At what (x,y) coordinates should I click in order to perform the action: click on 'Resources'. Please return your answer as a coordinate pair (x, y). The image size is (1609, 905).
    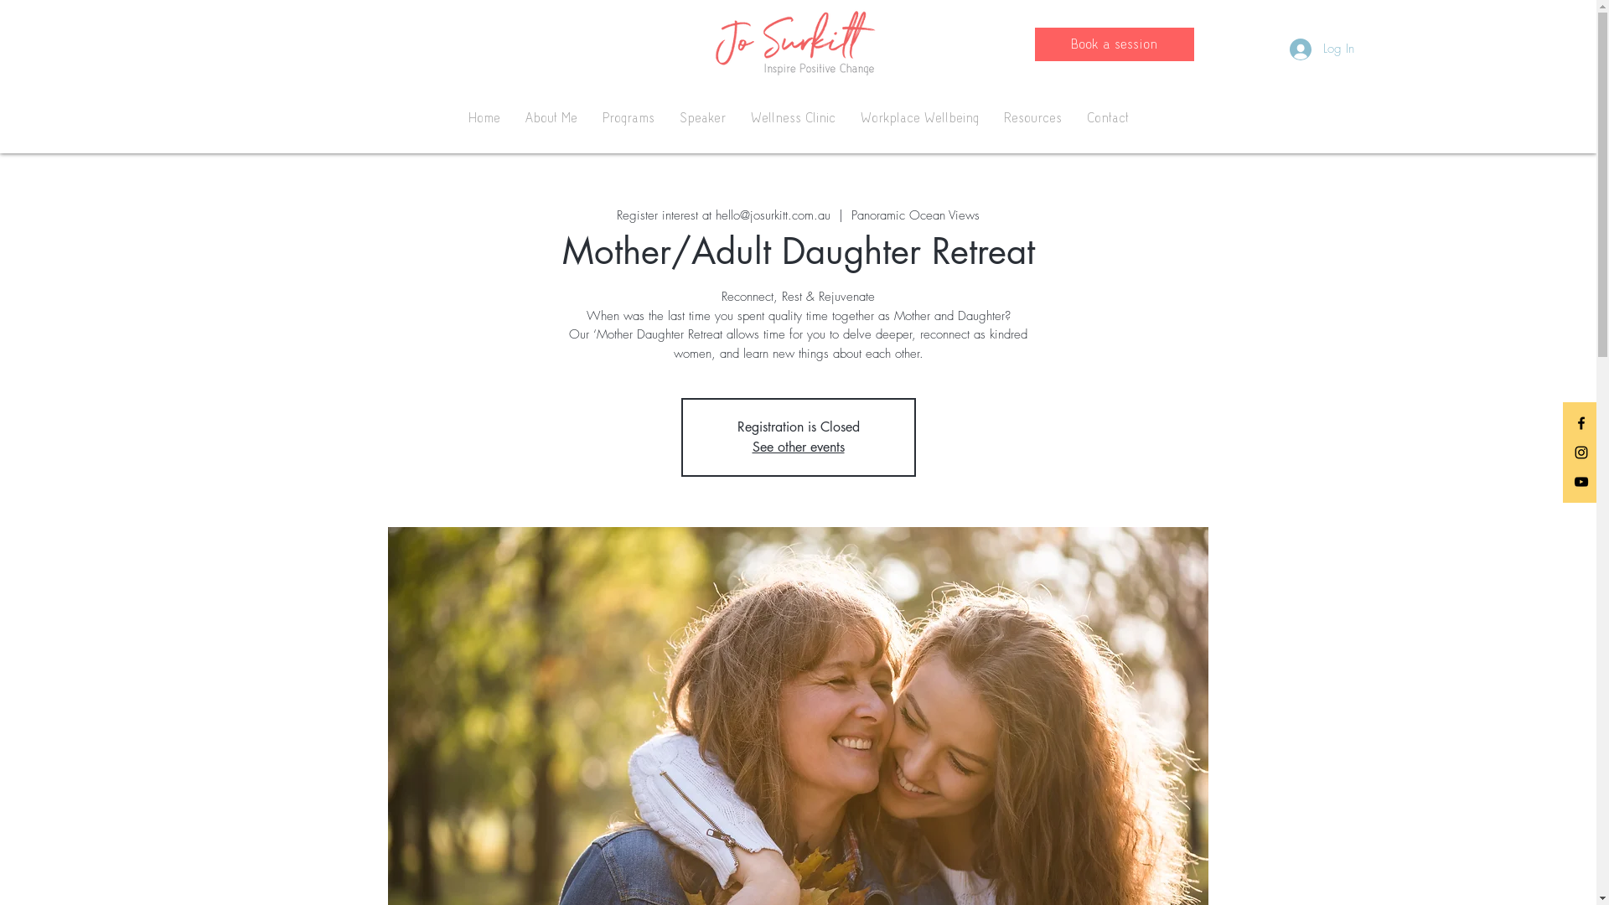
    Looking at the image, I should click on (990, 117).